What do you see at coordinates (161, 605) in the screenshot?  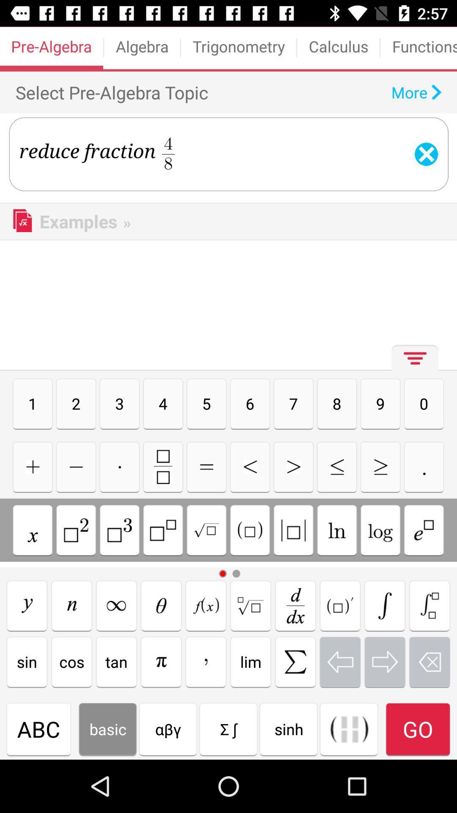 I see `teda option` at bounding box center [161, 605].